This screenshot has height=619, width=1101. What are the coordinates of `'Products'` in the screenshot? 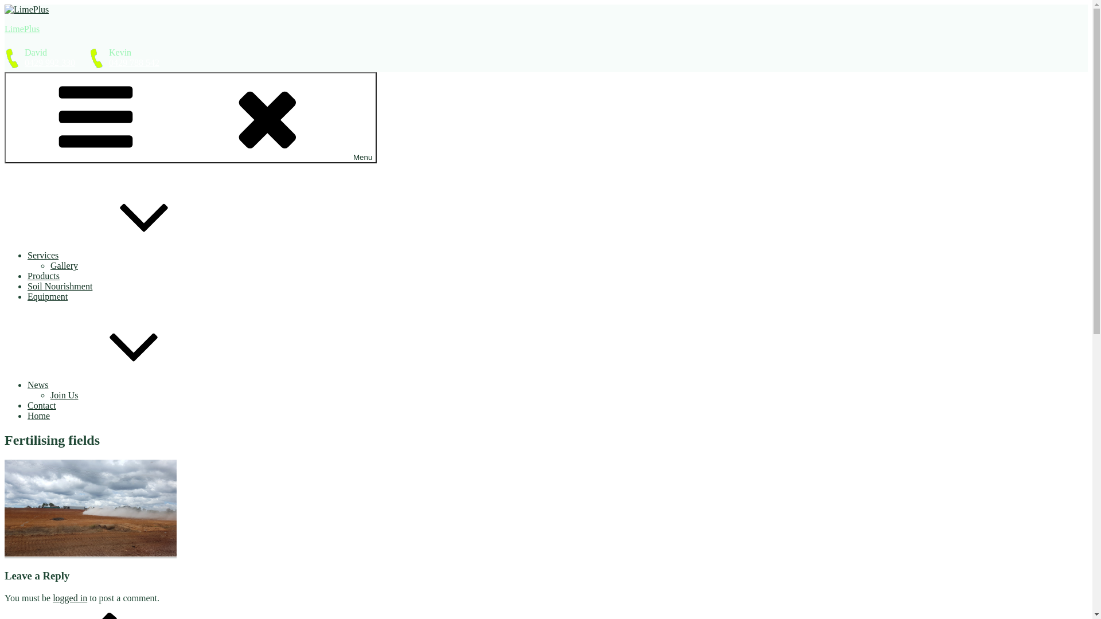 It's located at (28, 276).